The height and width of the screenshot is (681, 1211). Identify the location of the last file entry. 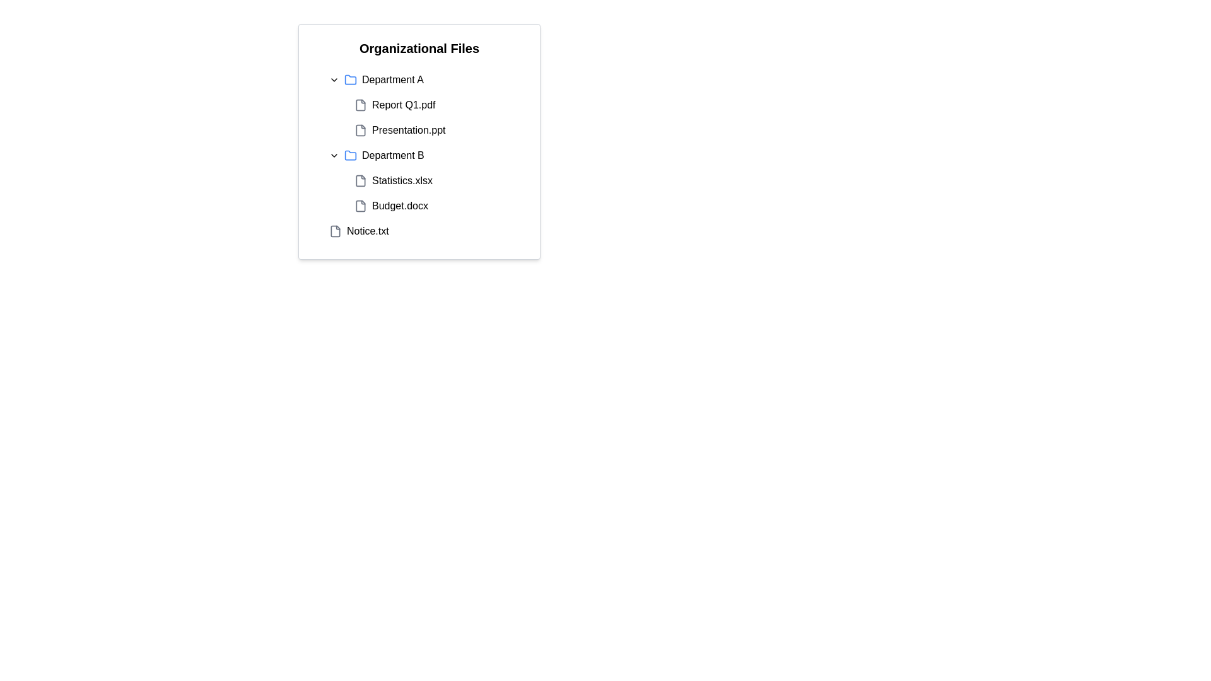
(419, 231).